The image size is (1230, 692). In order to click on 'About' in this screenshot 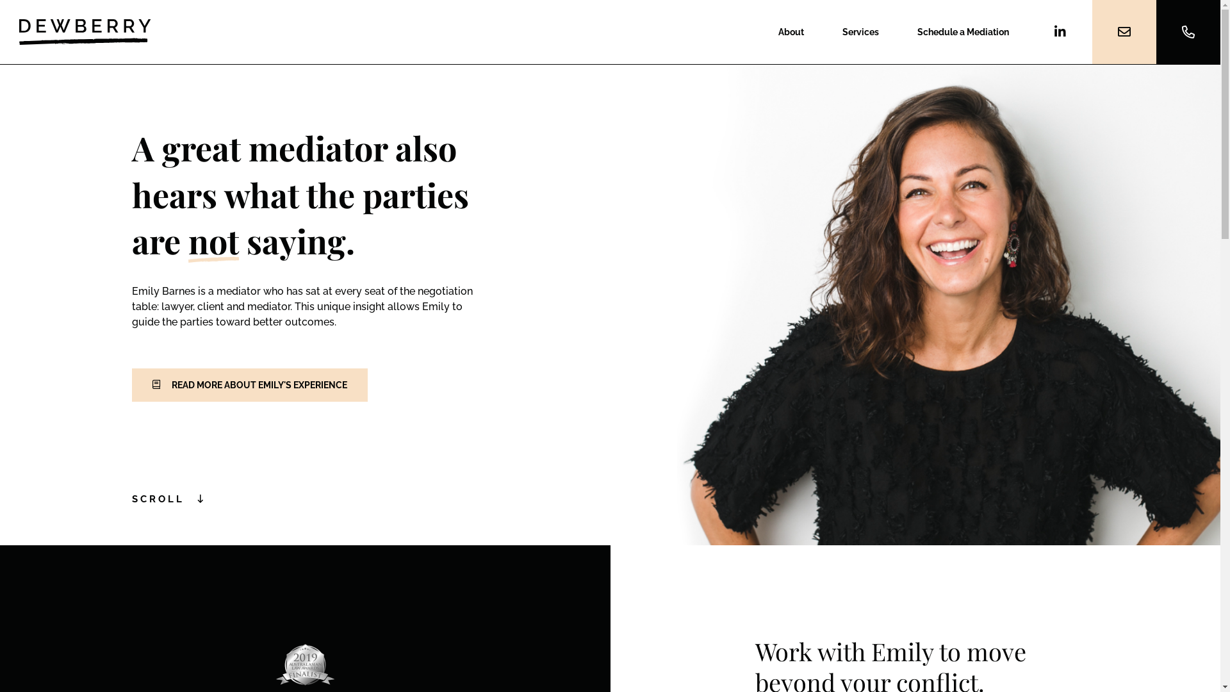, I will do `click(790, 31)`.